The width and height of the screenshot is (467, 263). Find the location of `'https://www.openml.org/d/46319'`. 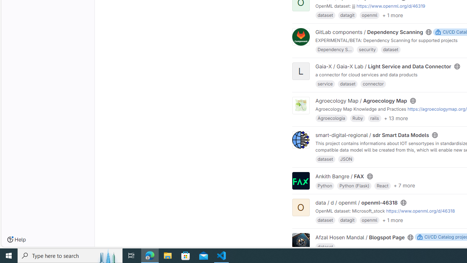

'https://www.openml.org/d/46319' is located at coordinates (390, 6).